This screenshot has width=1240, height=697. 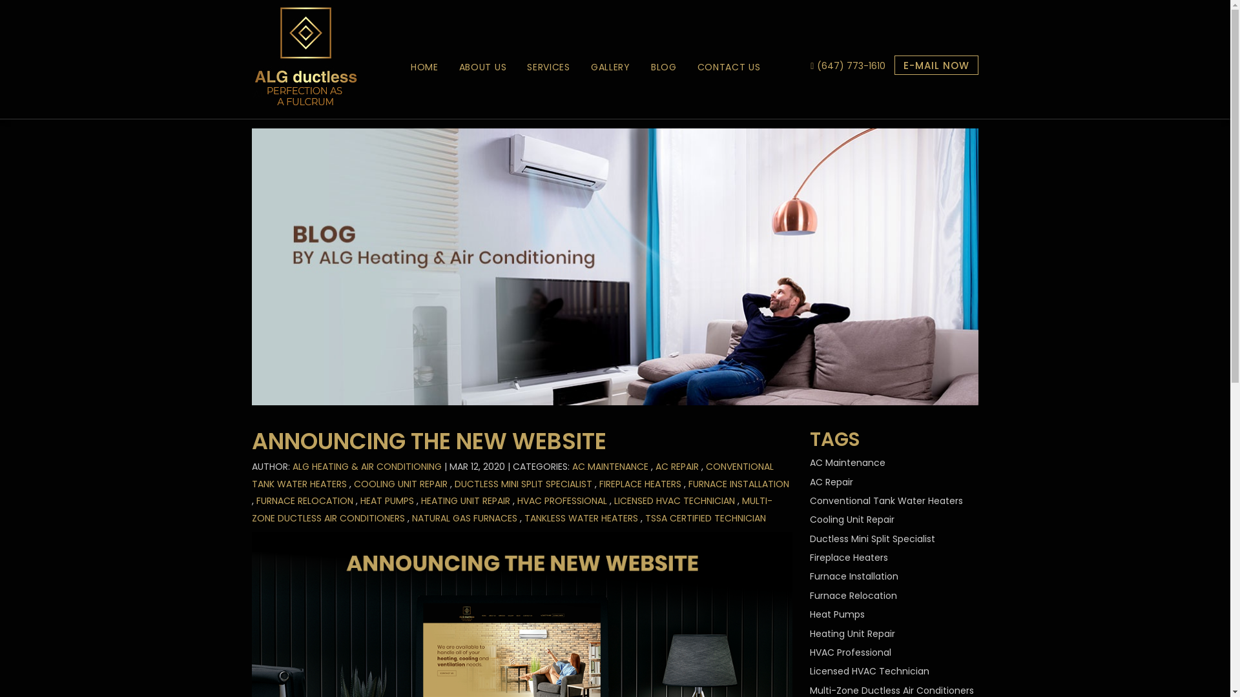 I want to click on 'BLOG', so click(x=663, y=67).